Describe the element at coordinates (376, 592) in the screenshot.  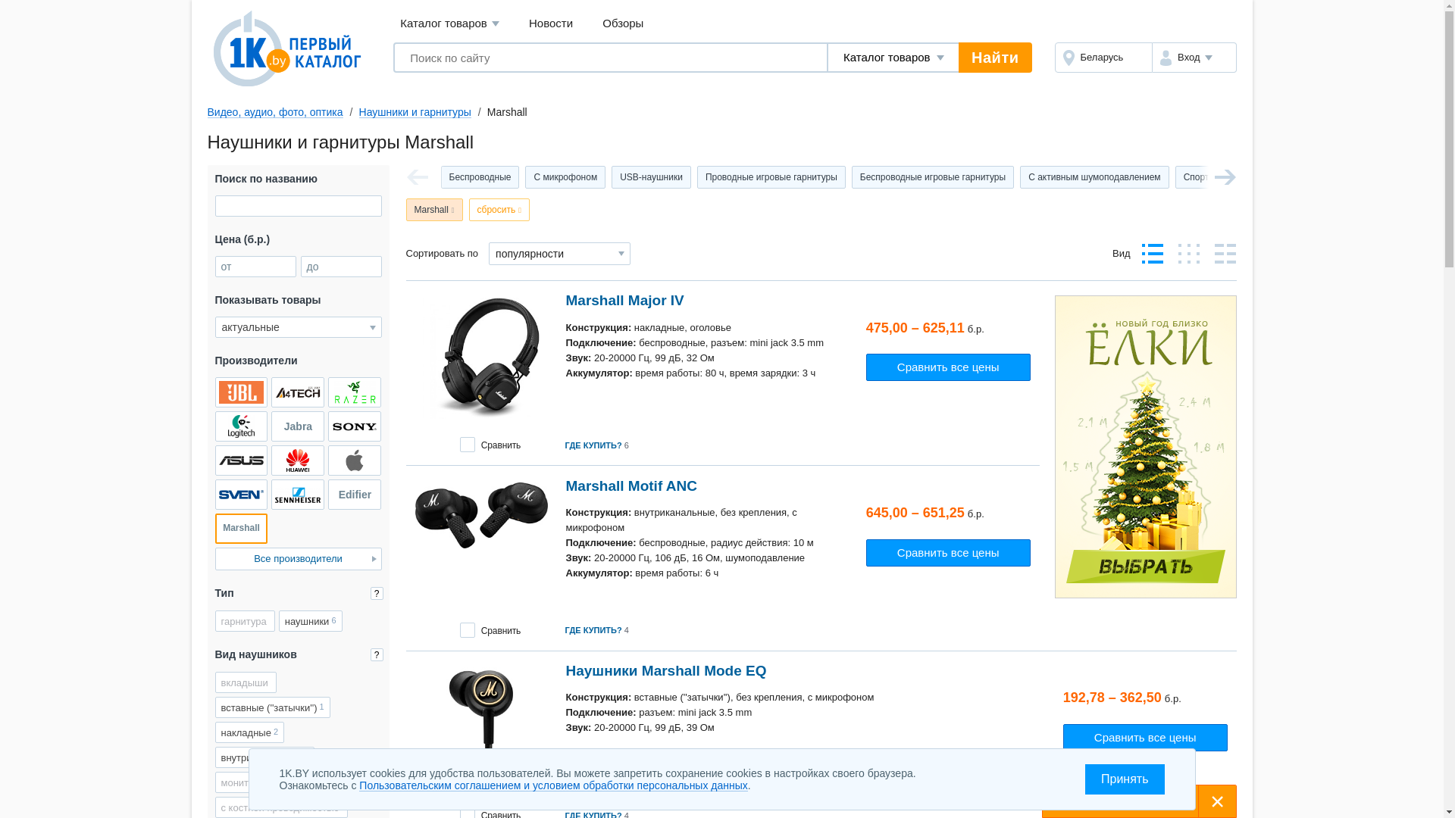
I see `'?'` at that location.